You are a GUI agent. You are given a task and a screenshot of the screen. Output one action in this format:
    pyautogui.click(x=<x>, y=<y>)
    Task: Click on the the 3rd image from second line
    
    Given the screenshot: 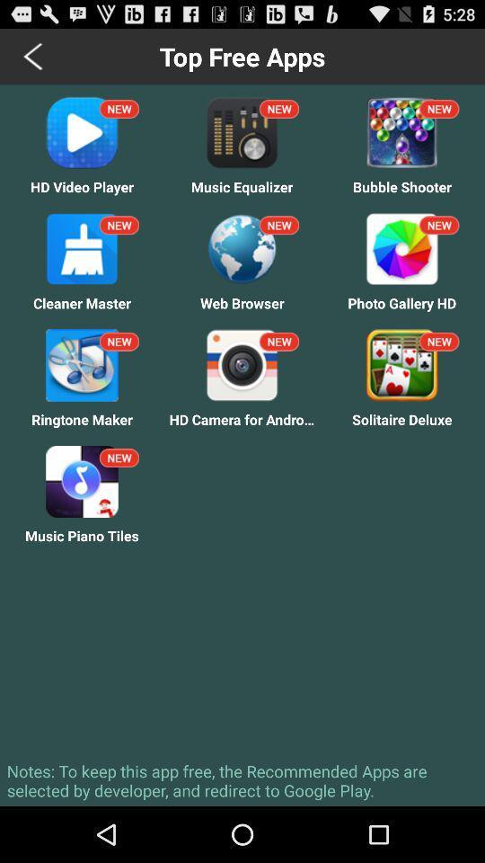 What is the action you would take?
    pyautogui.click(x=401, y=247)
    